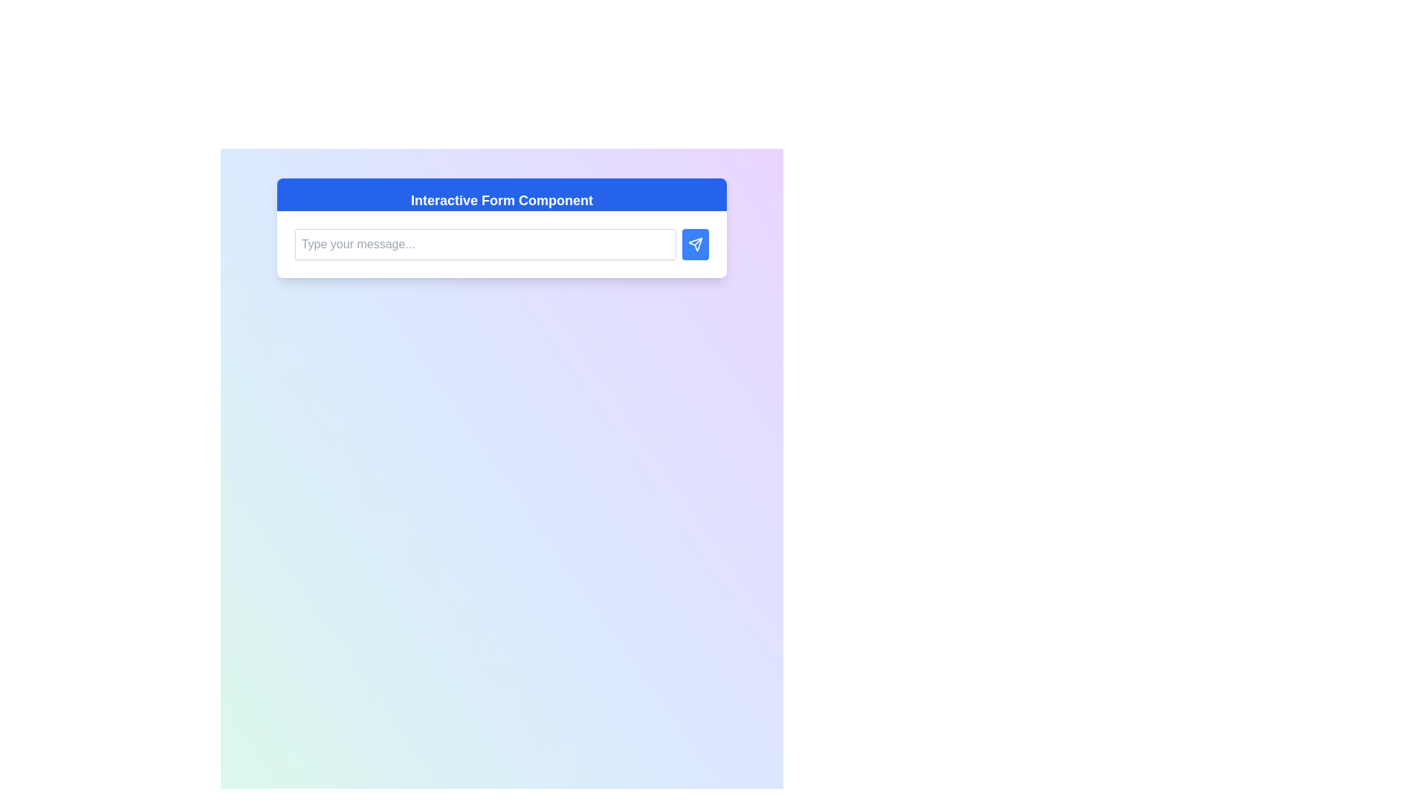 The width and height of the screenshot is (1427, 803). I want to click on the minimalistic arrow icon located in the top-right section of the blue clickable button, so click(695, 242).